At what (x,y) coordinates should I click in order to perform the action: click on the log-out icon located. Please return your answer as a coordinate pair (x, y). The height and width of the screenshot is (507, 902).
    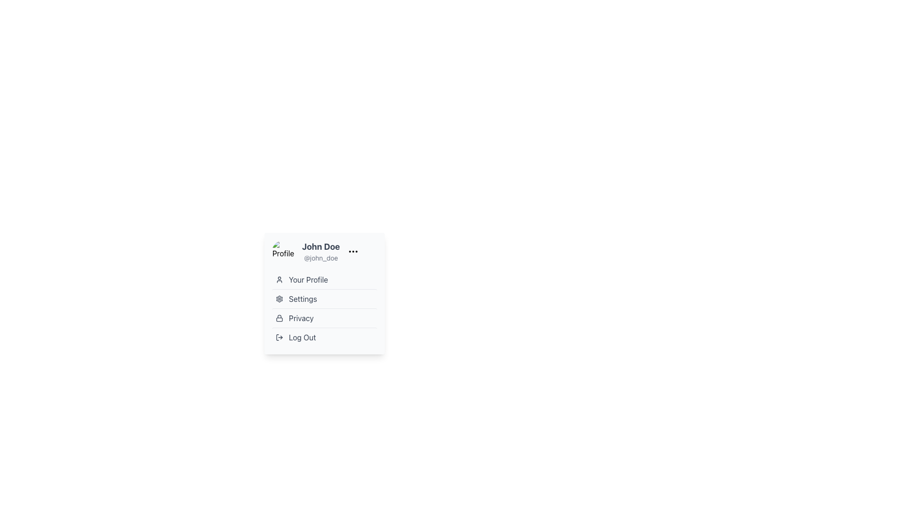
    Looking at the image, I should click on (279, 337).